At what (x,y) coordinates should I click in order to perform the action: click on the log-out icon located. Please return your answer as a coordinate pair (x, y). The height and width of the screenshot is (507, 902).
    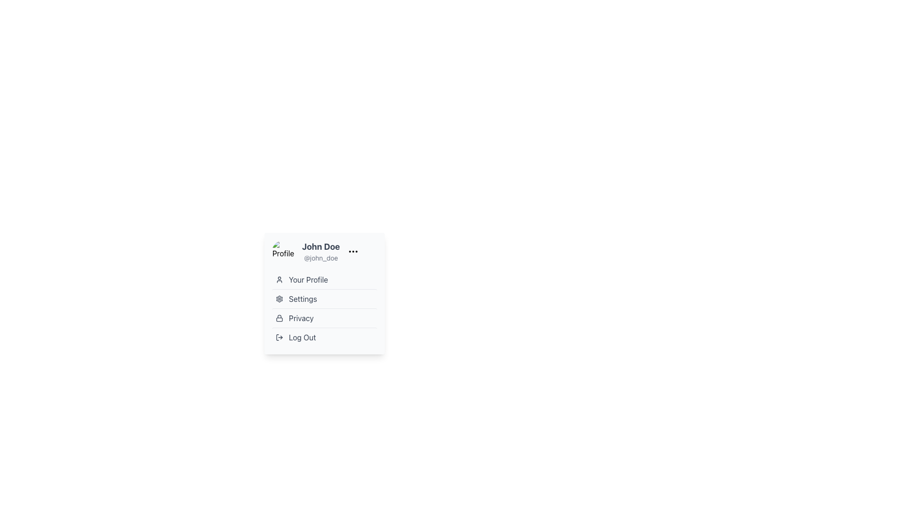
    Looking at the image, I should click on (279, 337).